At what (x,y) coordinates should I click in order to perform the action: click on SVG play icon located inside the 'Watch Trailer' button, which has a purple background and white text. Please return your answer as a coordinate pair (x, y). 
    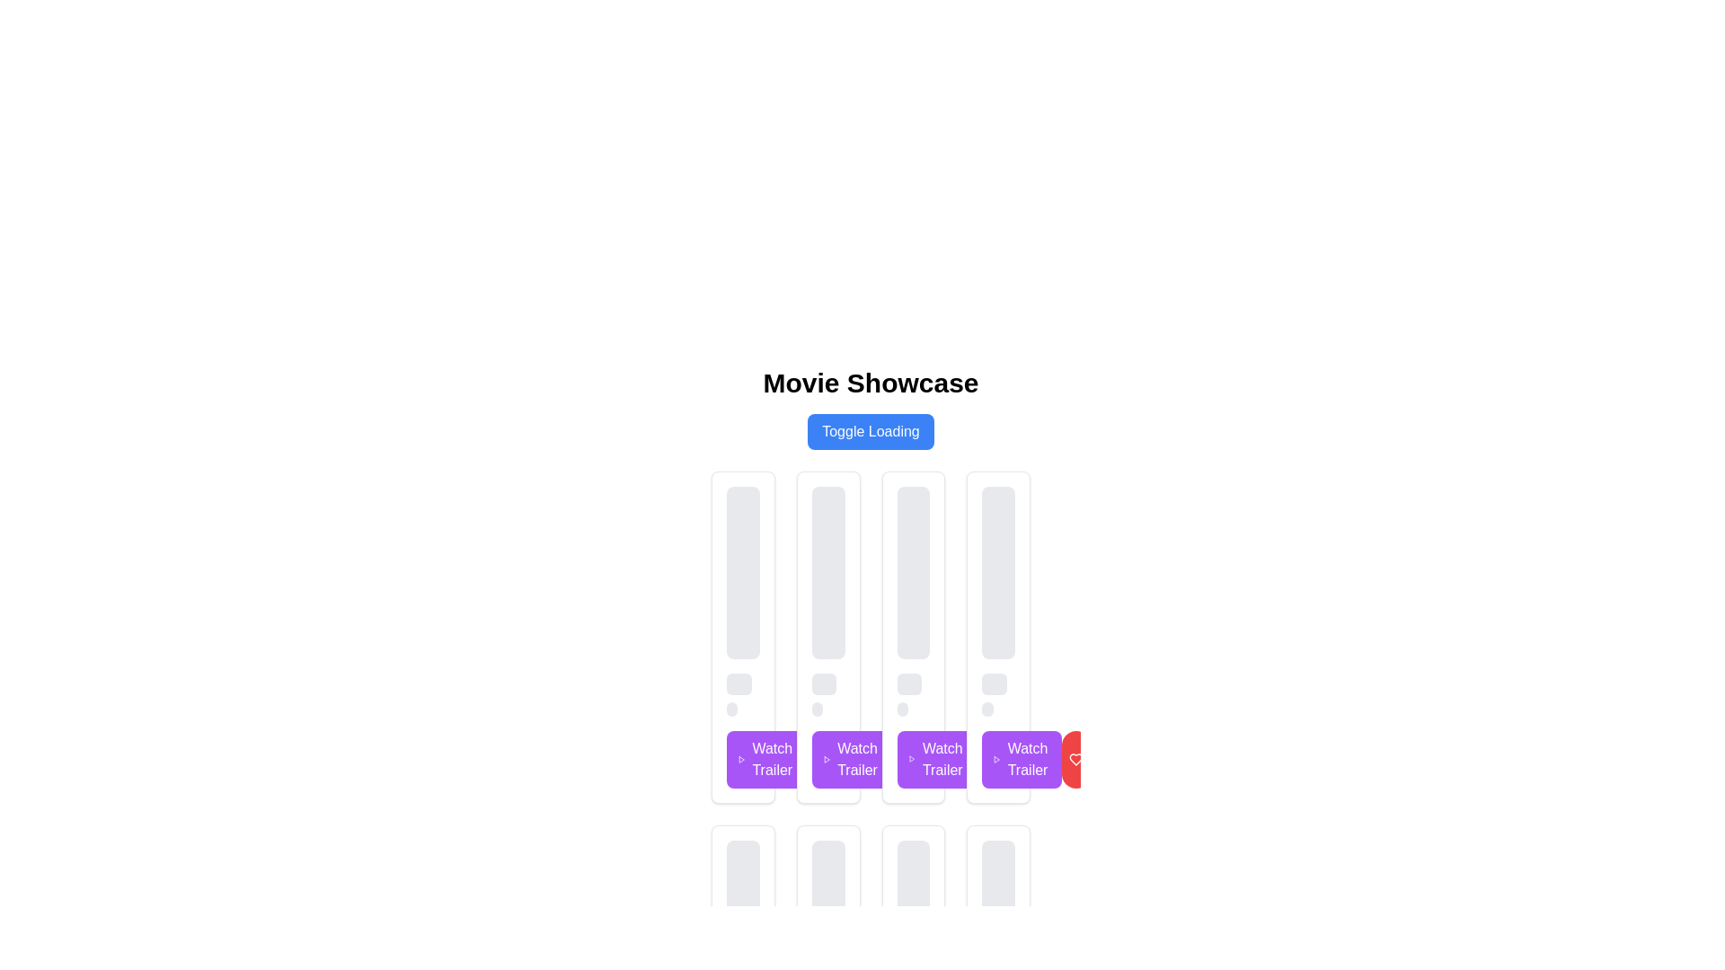
    Looking at the image, I should click on (826, 759).